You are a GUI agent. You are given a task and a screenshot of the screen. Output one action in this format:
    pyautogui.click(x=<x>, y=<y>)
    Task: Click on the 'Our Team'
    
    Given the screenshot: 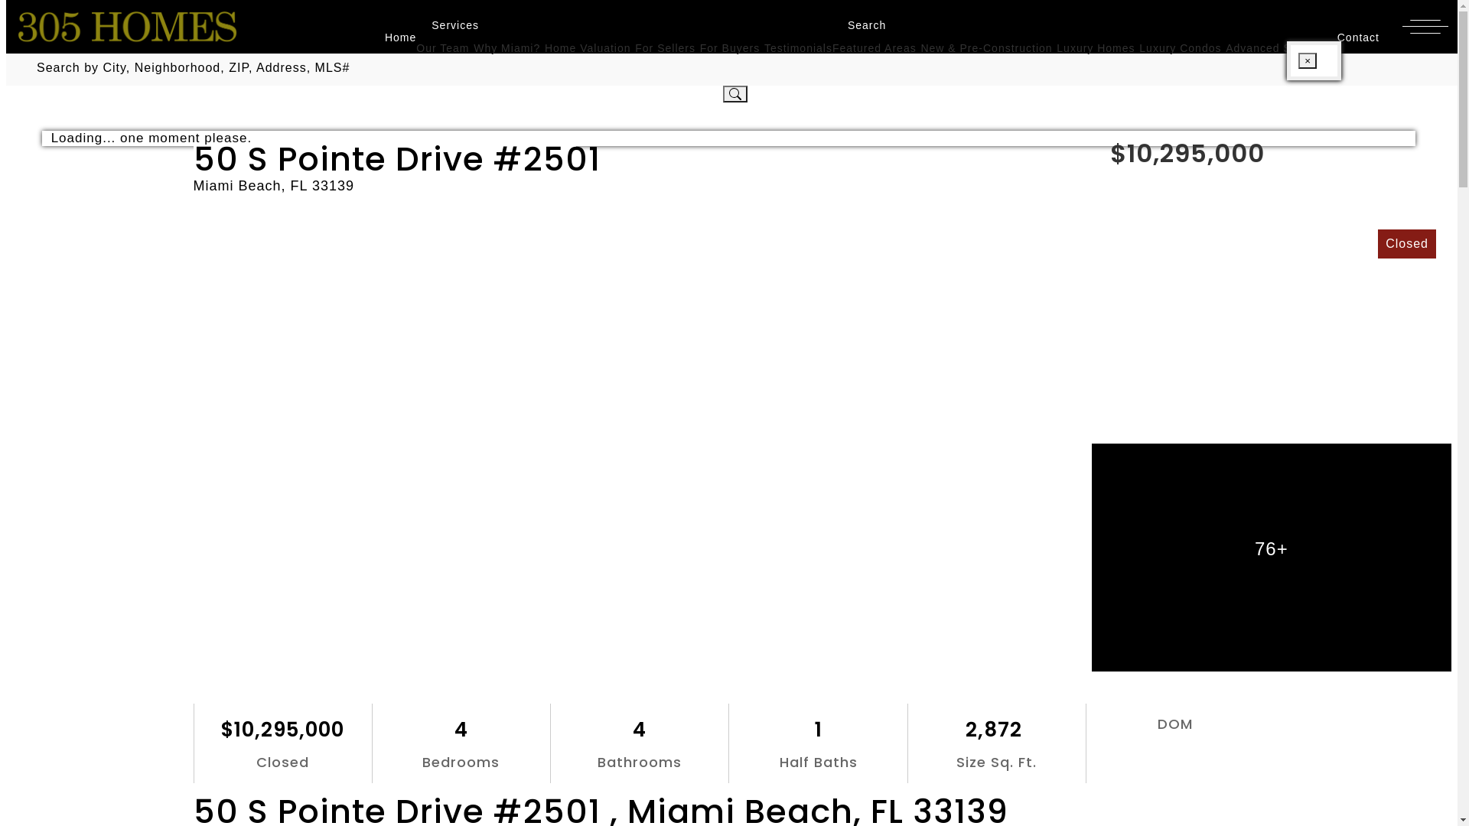 What is the action you would take?
    pyautogui.click(x=441, y=47)
    